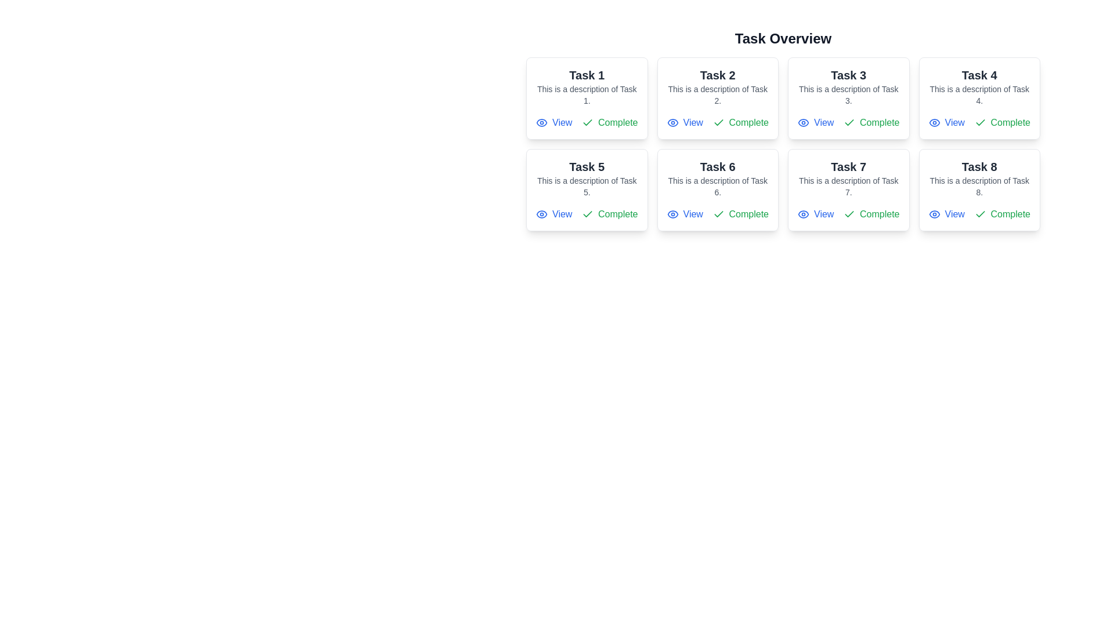 Image resolution: width=1114 pixels, height=626 pixels. I want to click on static text field that contains the description 'This is a description of Task 6.' located below the title 'Task 6' in the task card, so click(717, 185).